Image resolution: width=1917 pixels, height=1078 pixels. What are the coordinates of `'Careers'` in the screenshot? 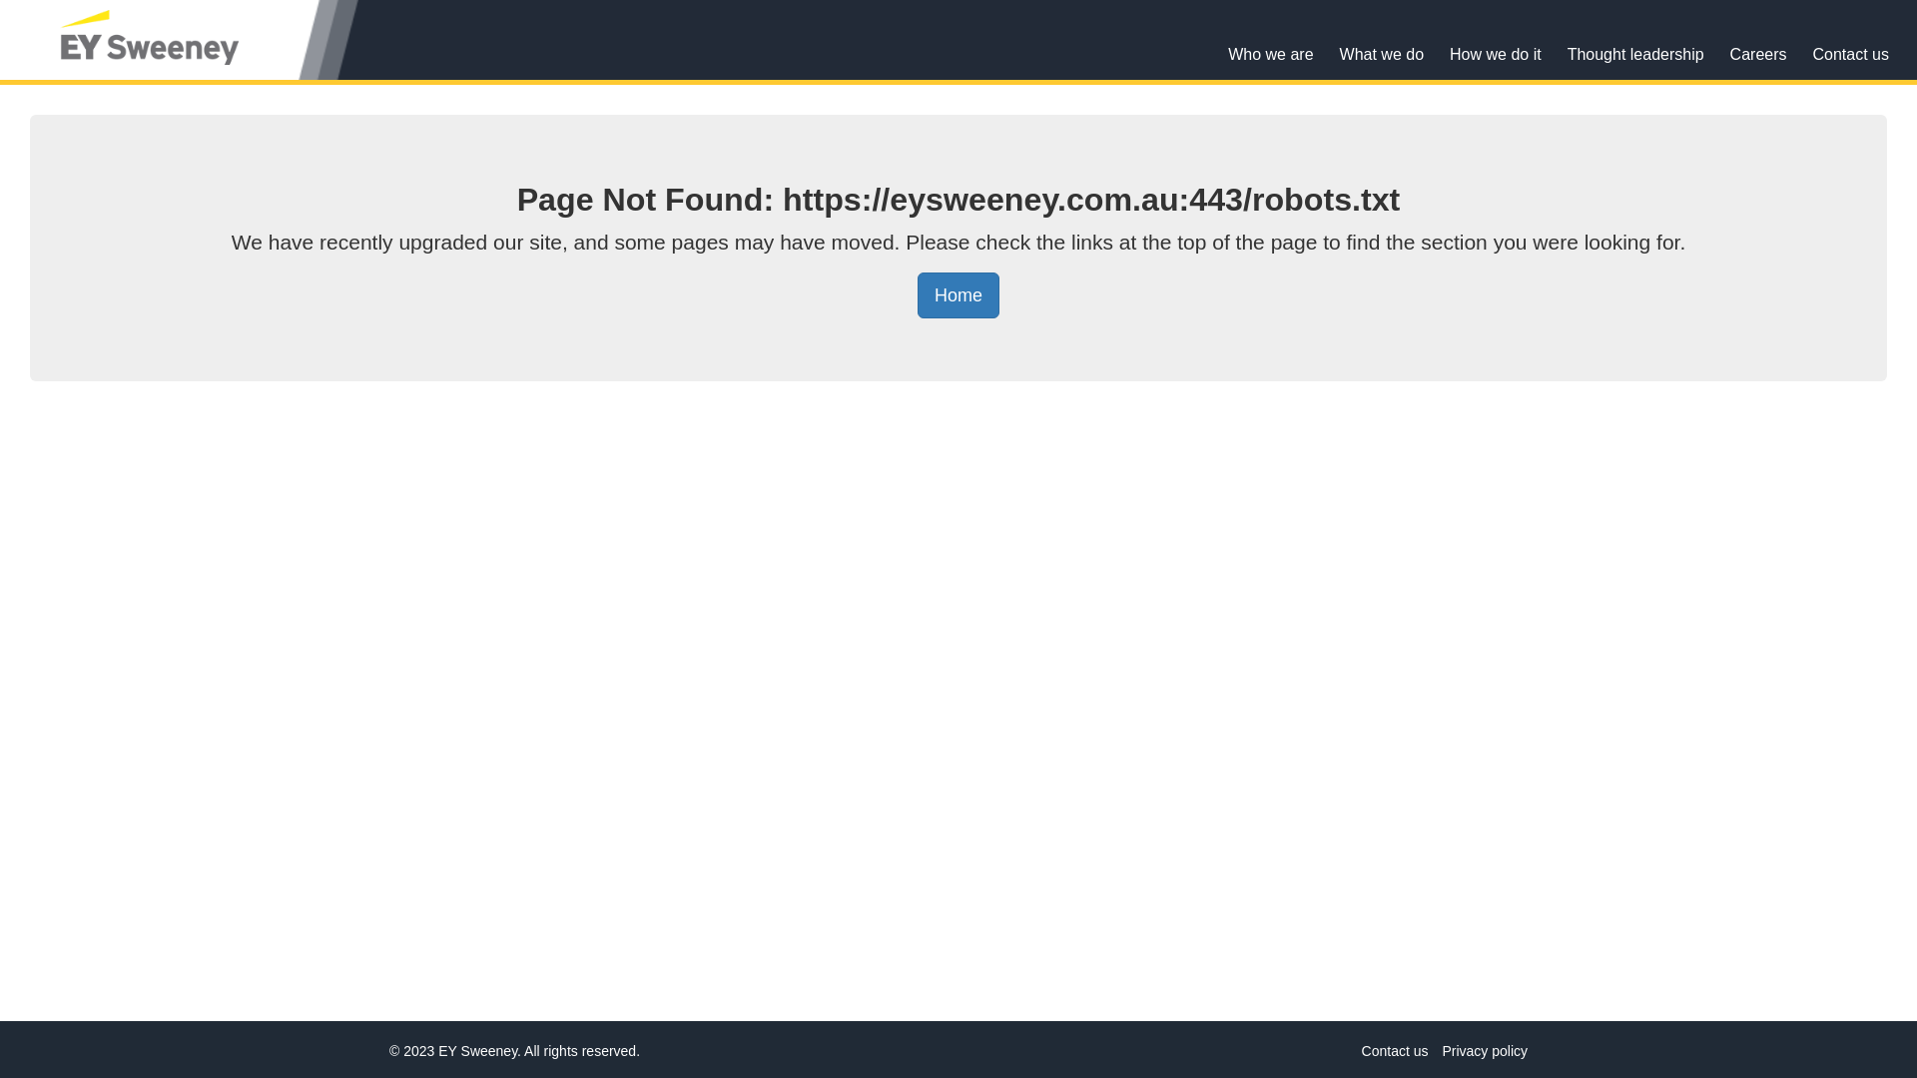 It's located at (1715, 53).